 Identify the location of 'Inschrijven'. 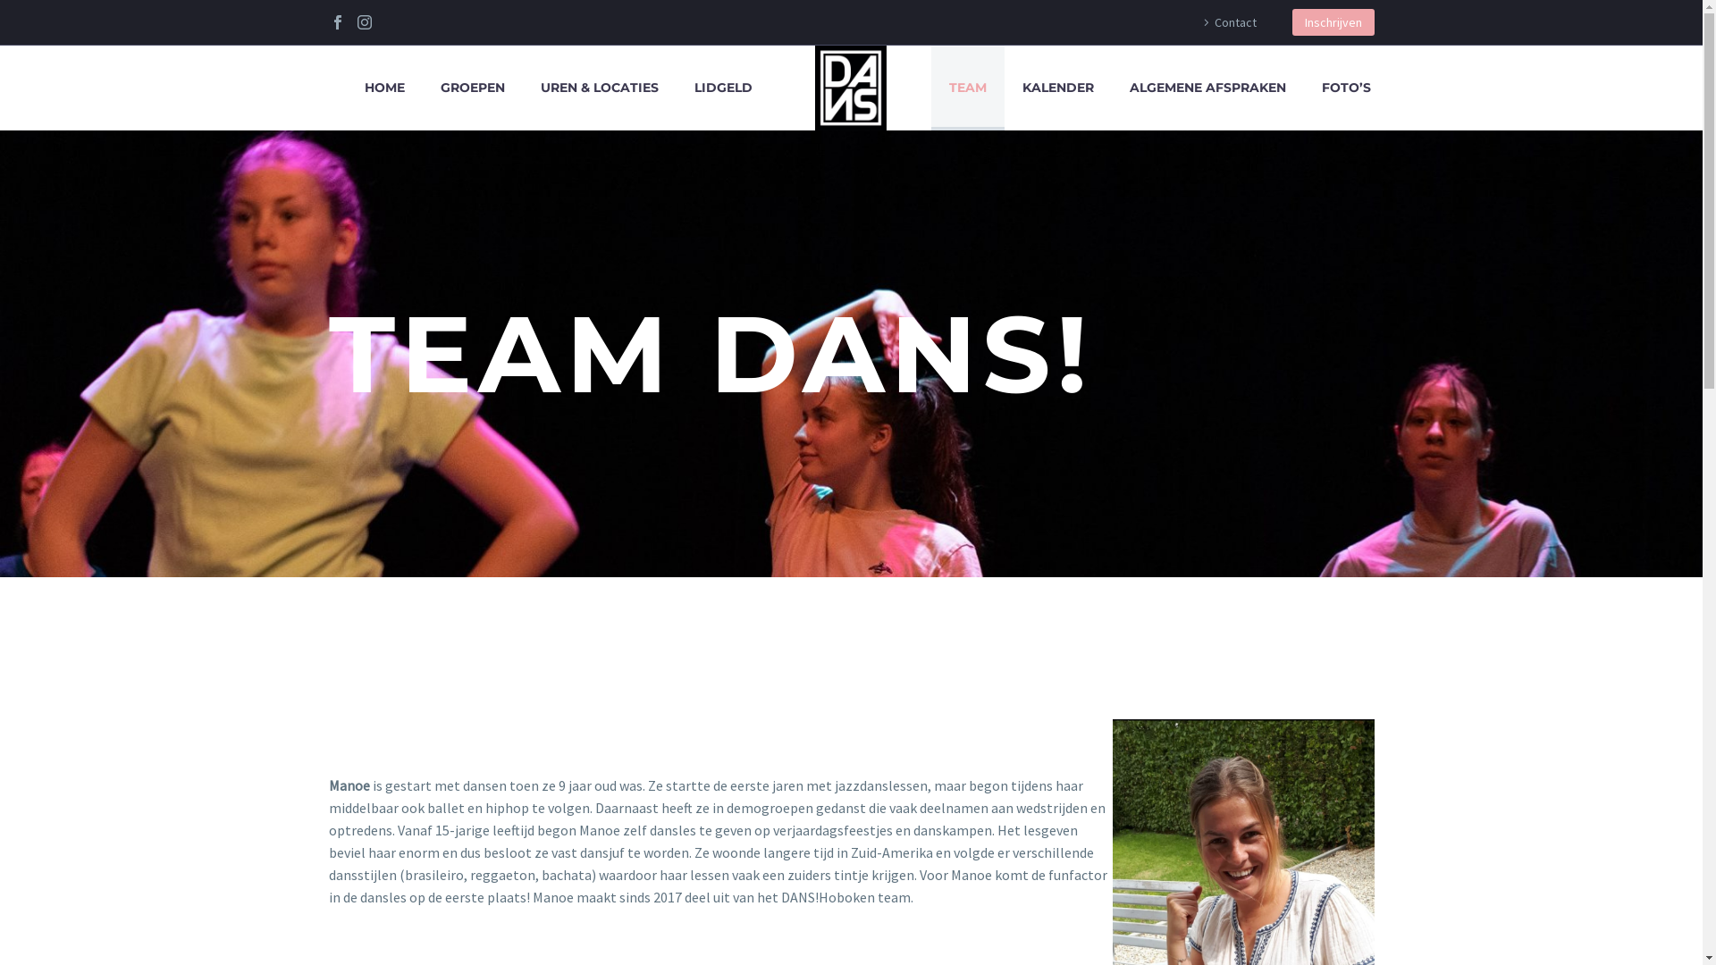
(1333, 21).